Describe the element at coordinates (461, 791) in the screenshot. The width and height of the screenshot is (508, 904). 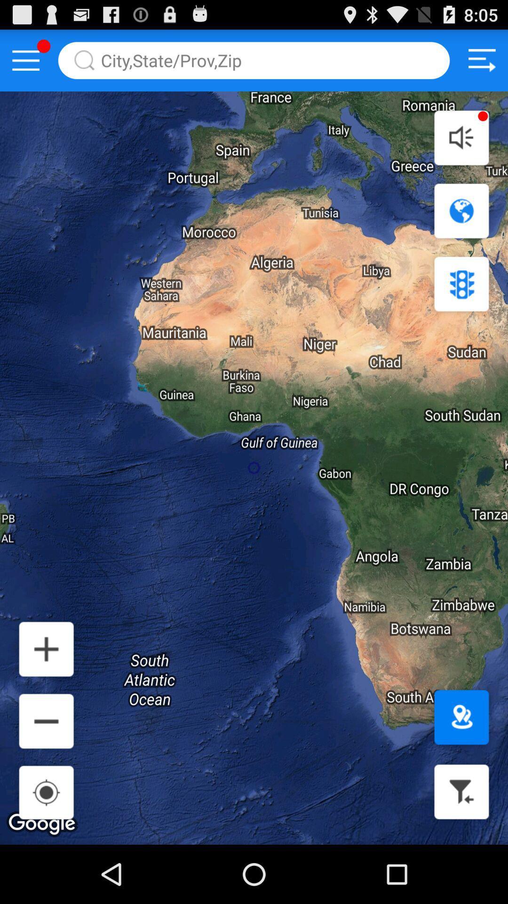
I see `filter search` at that location.